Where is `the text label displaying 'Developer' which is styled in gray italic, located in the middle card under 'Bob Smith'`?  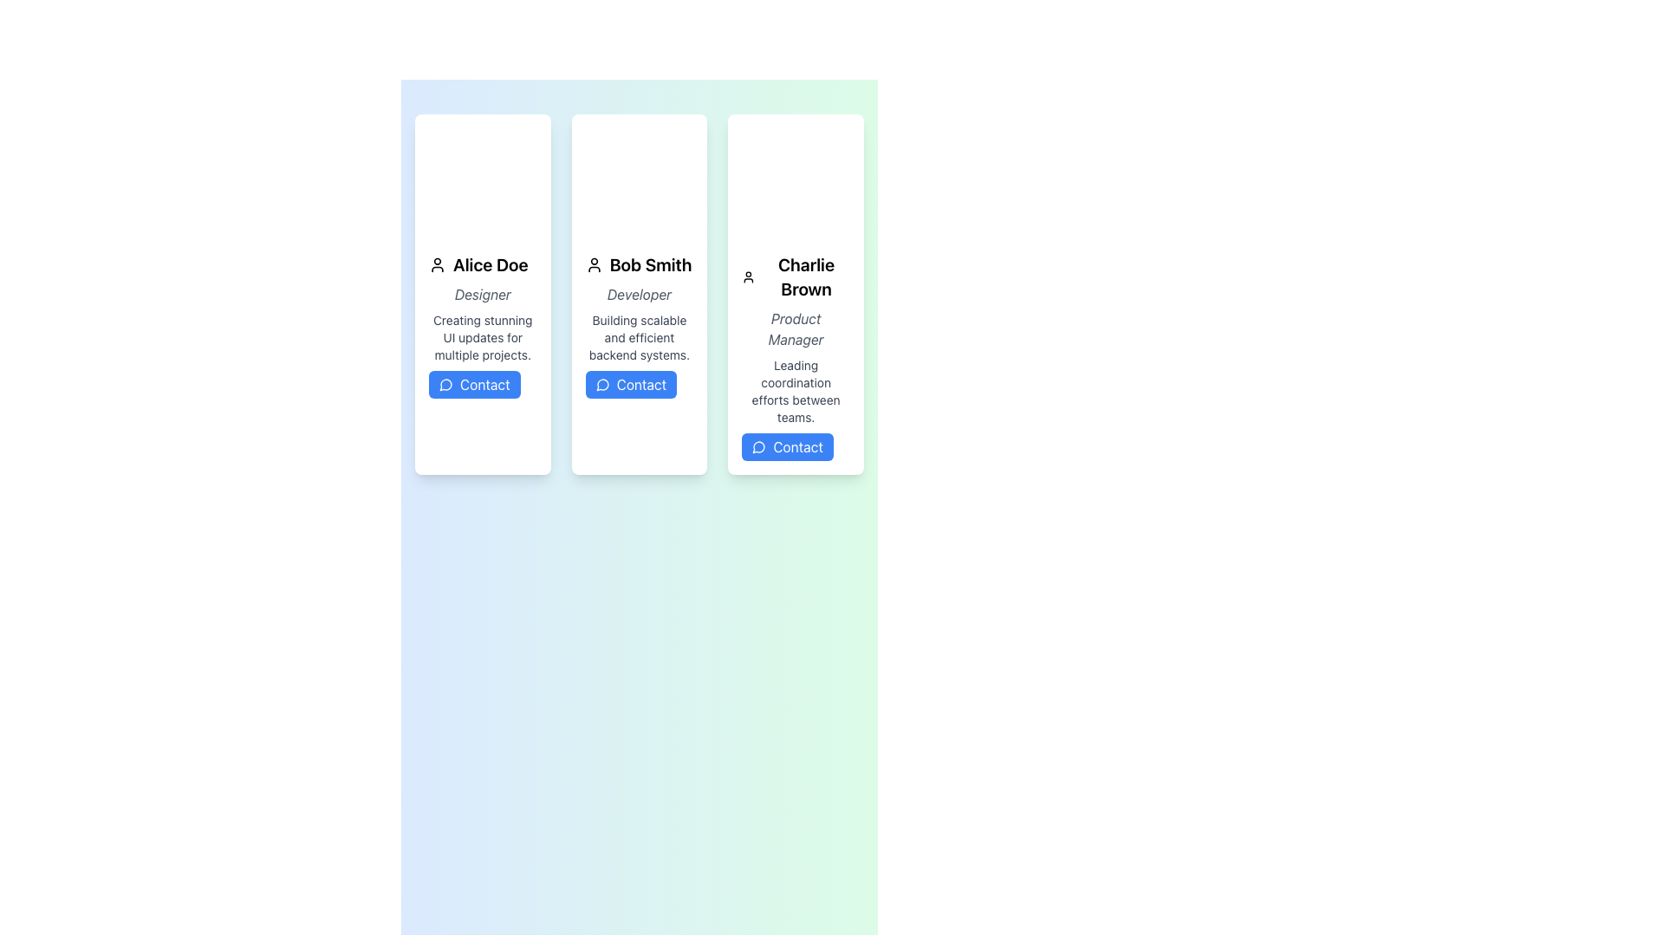
the text label displaying 'Developer' which is styled in gray italic, located in the middle card under 'Bob Smith' is located at coordinates (639, 293).